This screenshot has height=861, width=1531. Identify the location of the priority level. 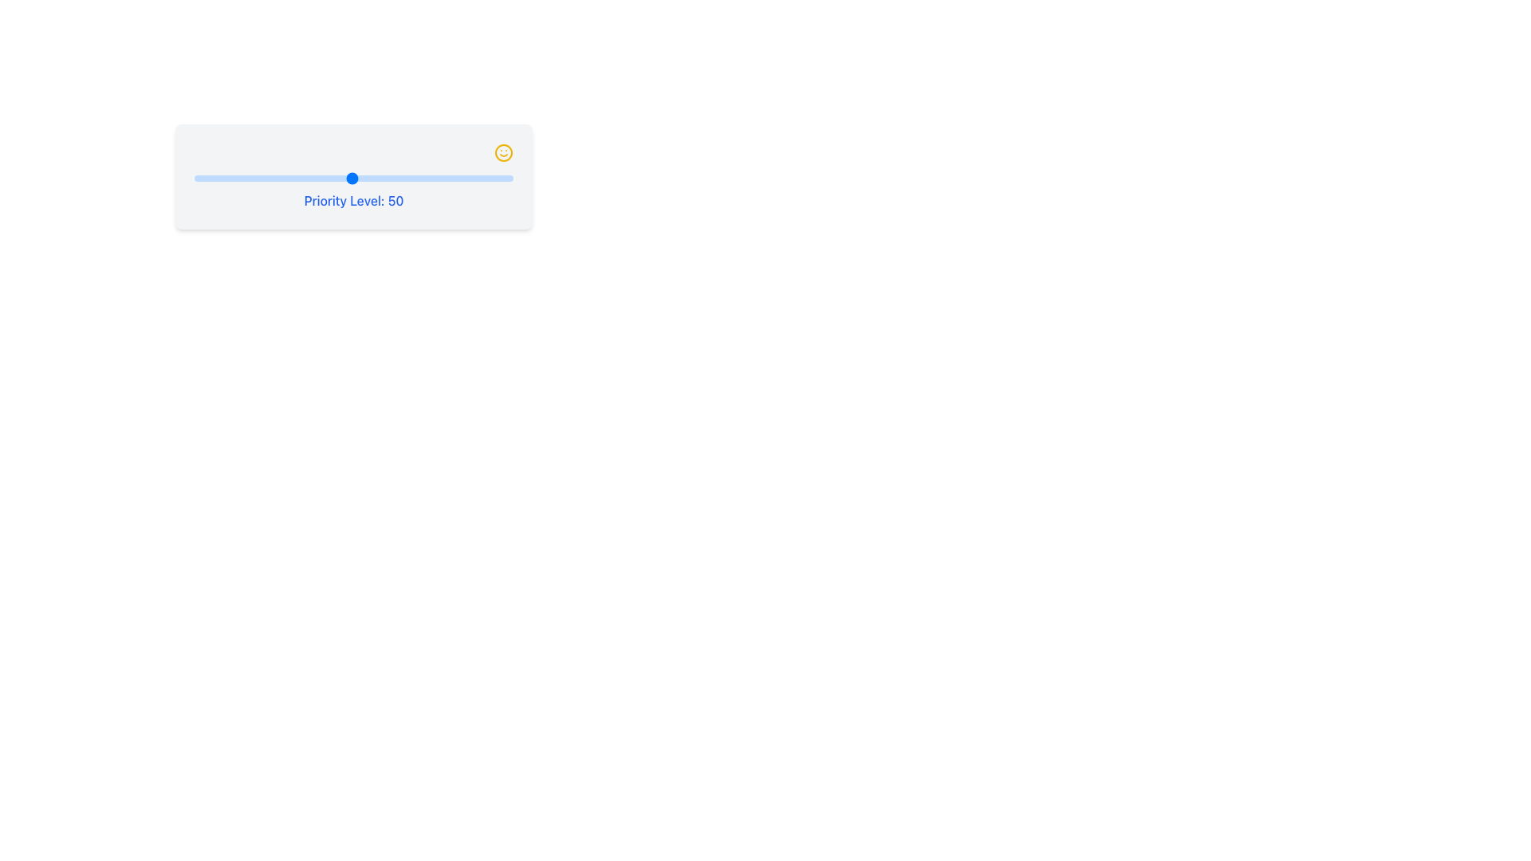
(371, 178).